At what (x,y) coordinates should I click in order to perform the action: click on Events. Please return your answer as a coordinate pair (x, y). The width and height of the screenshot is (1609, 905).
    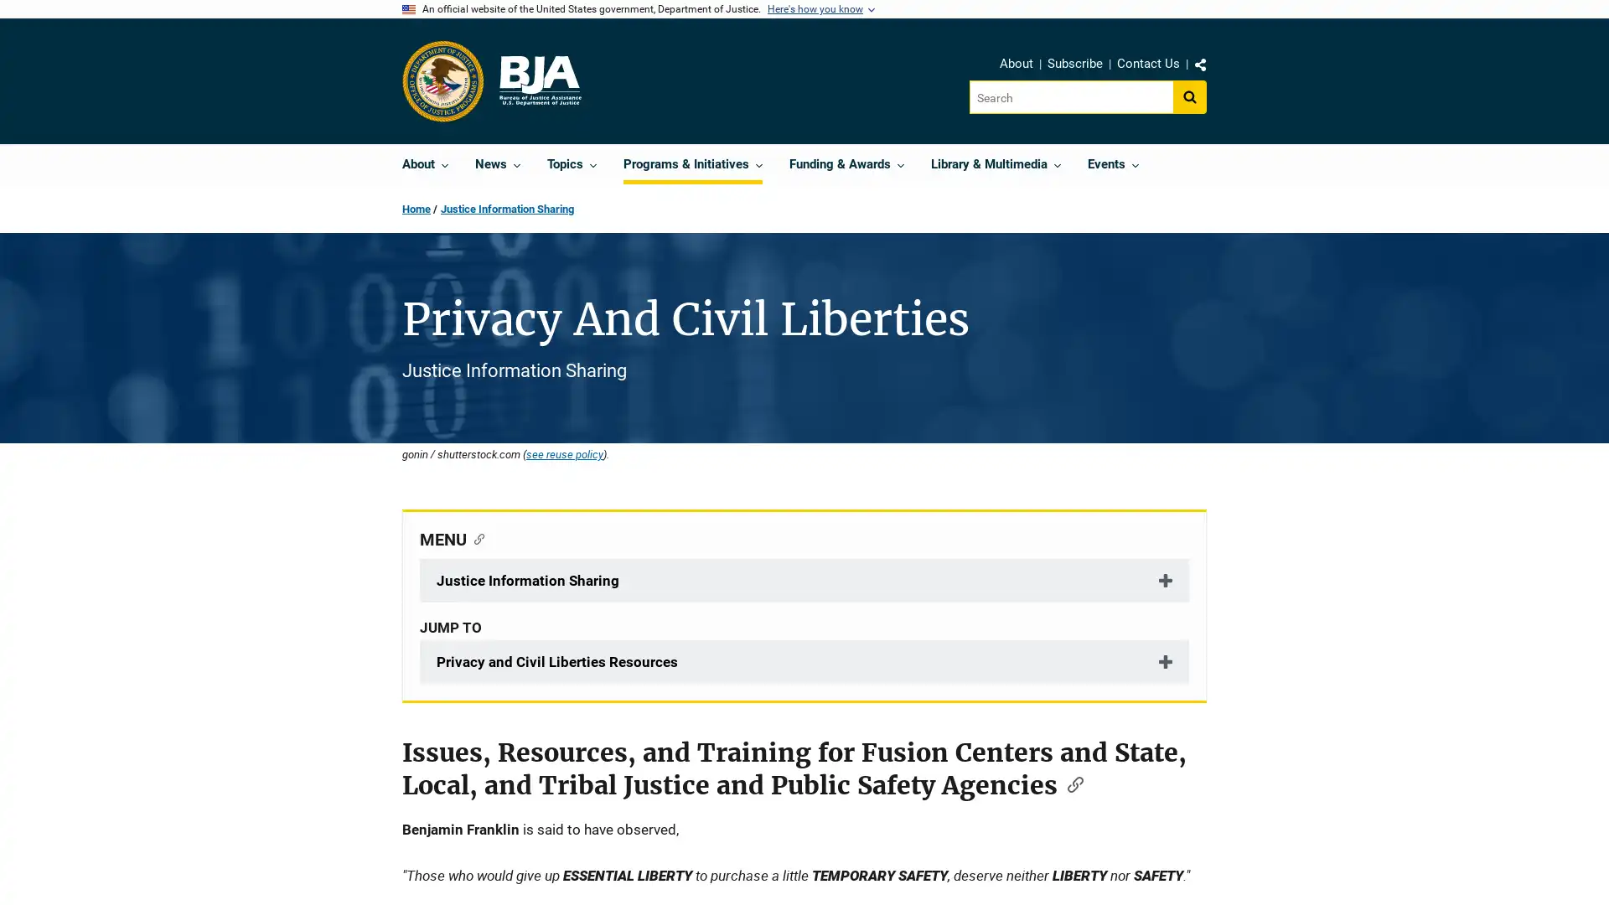
    Looking at the image, I should click on (1113, 164).